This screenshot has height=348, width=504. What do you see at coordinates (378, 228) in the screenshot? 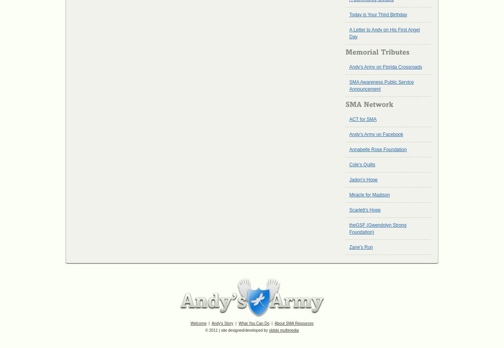
I see `'theGSF (Gwendolyn Strong Foundation)'` at bounding box center [378, 228].